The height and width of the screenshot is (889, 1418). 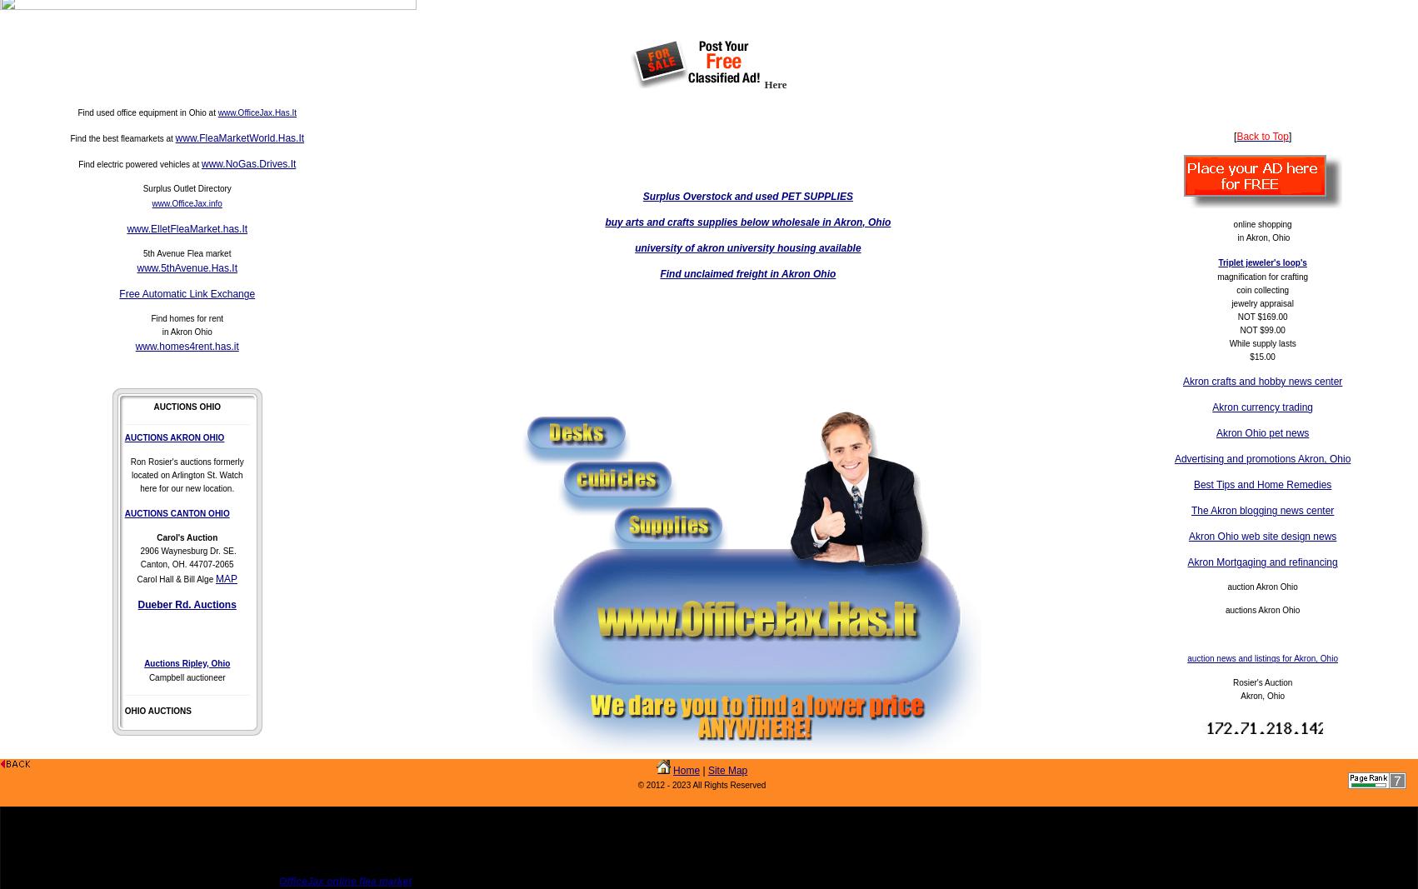 What do you see at coordinates (1262, 290) in the screenshot?
I see `'coin collecting'` at bounding box center [1262, 290].